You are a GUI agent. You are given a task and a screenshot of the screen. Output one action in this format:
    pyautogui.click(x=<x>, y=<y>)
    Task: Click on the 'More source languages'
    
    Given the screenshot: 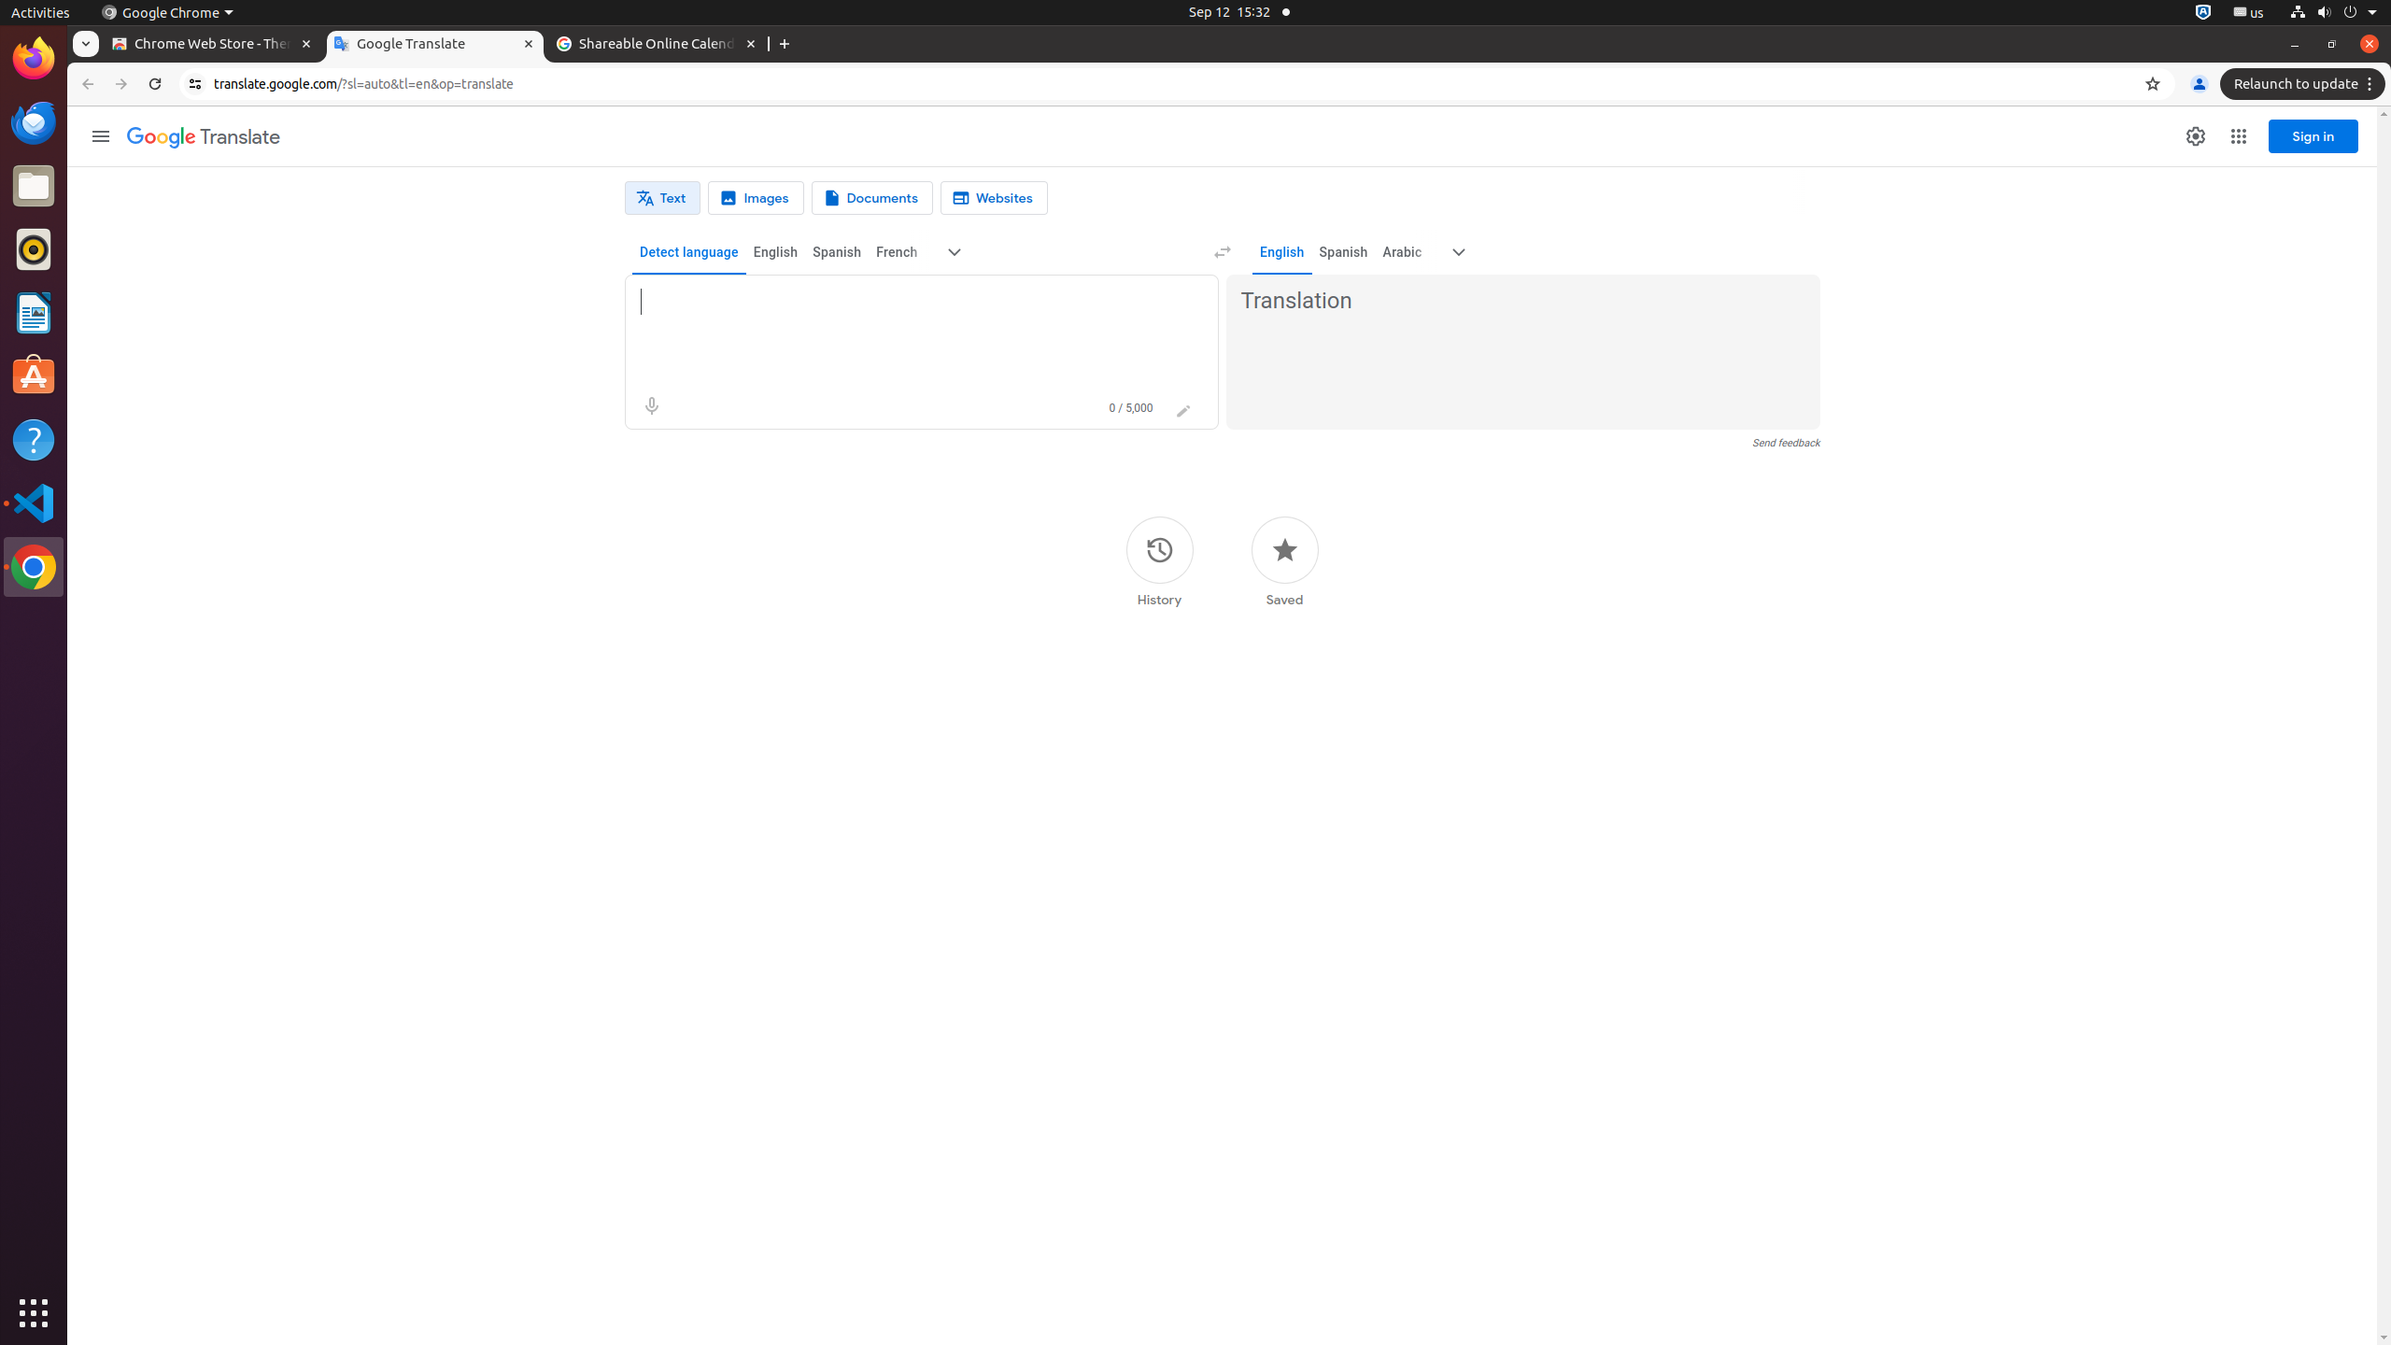 What is the action you would take?
    pyautogui.click(x=955, y=251)
    